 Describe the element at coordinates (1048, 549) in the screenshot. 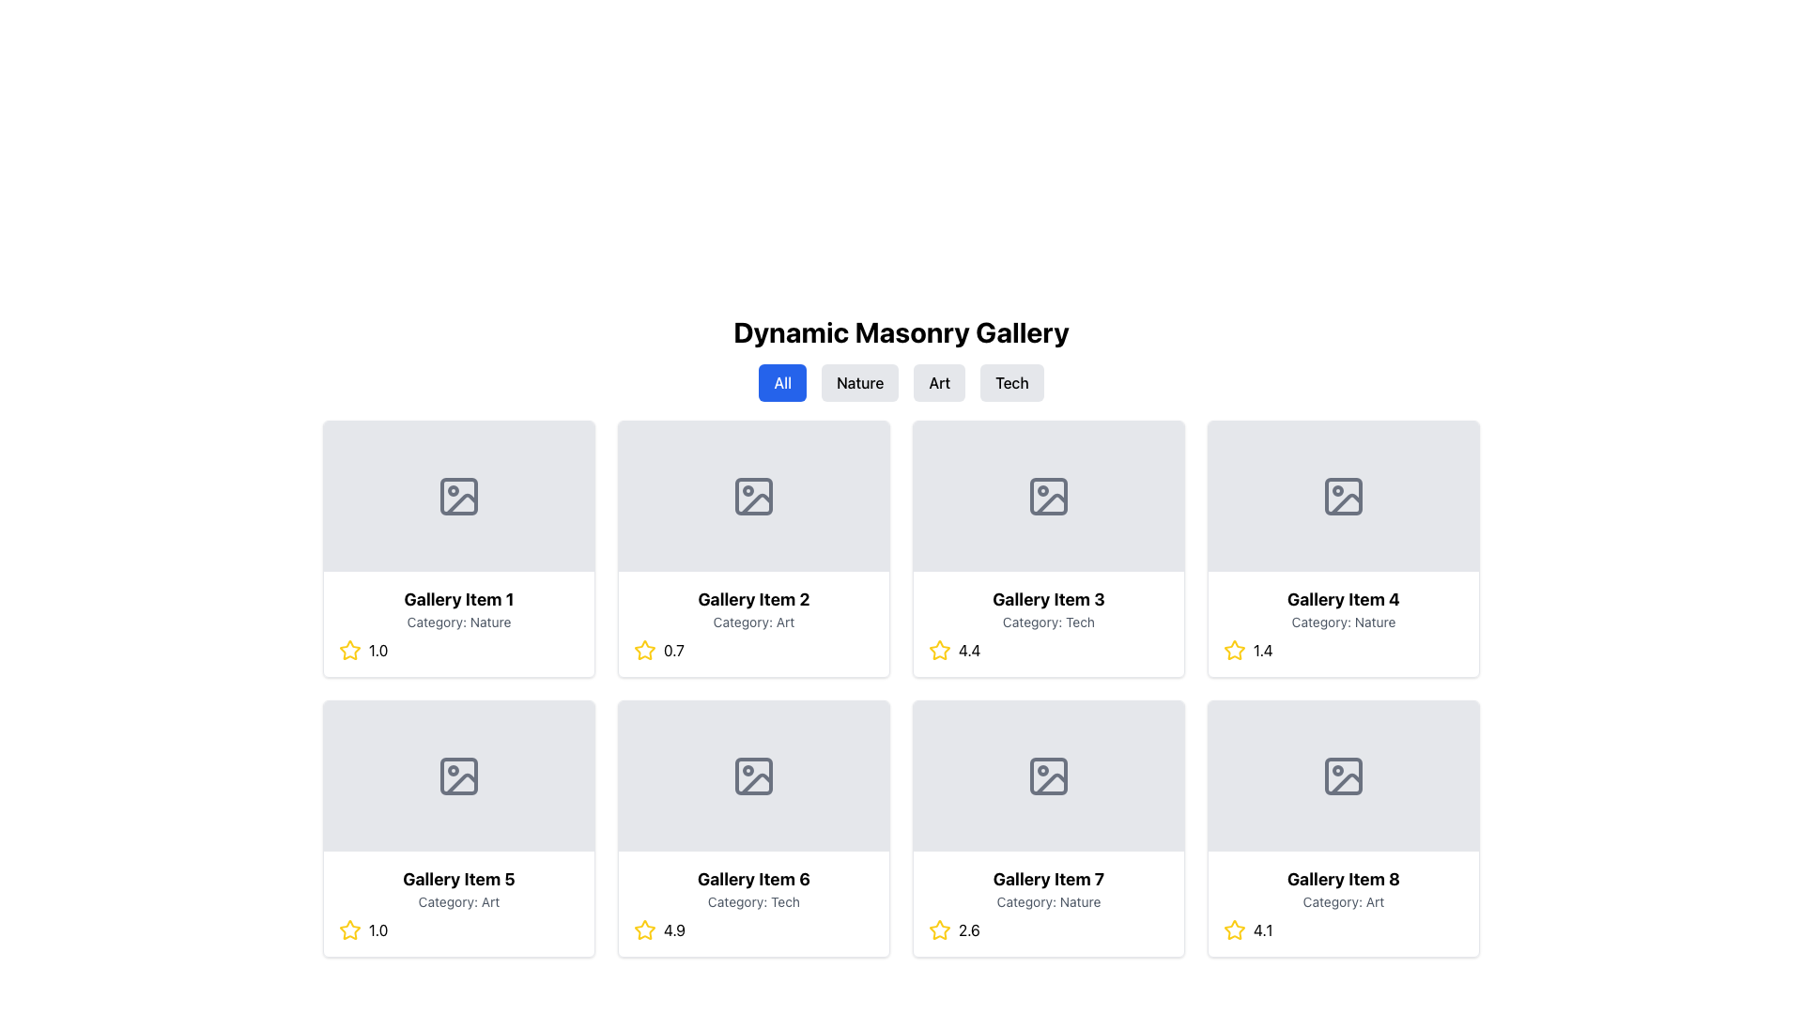

I see `the Card element displaying information about a gallery item, located in the first row, third column of the grid` at that location.